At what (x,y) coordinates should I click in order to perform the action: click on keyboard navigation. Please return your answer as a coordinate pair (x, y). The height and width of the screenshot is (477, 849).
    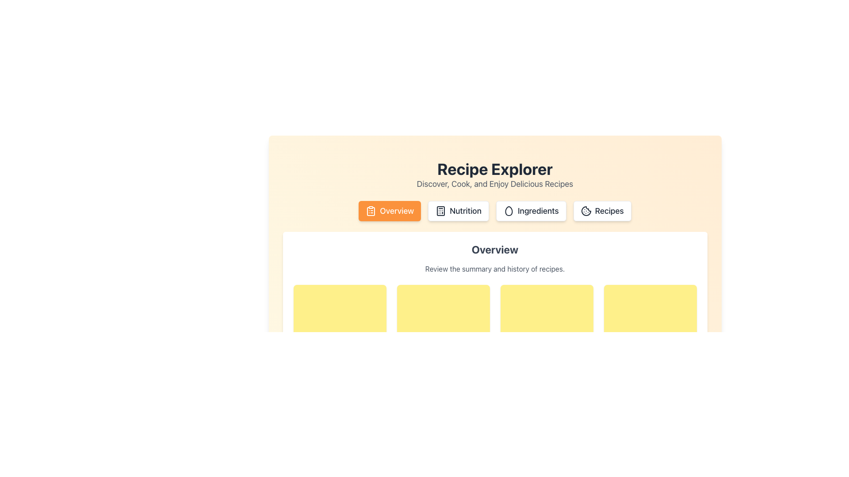
    Looking at the image, I should click on (459, 211).